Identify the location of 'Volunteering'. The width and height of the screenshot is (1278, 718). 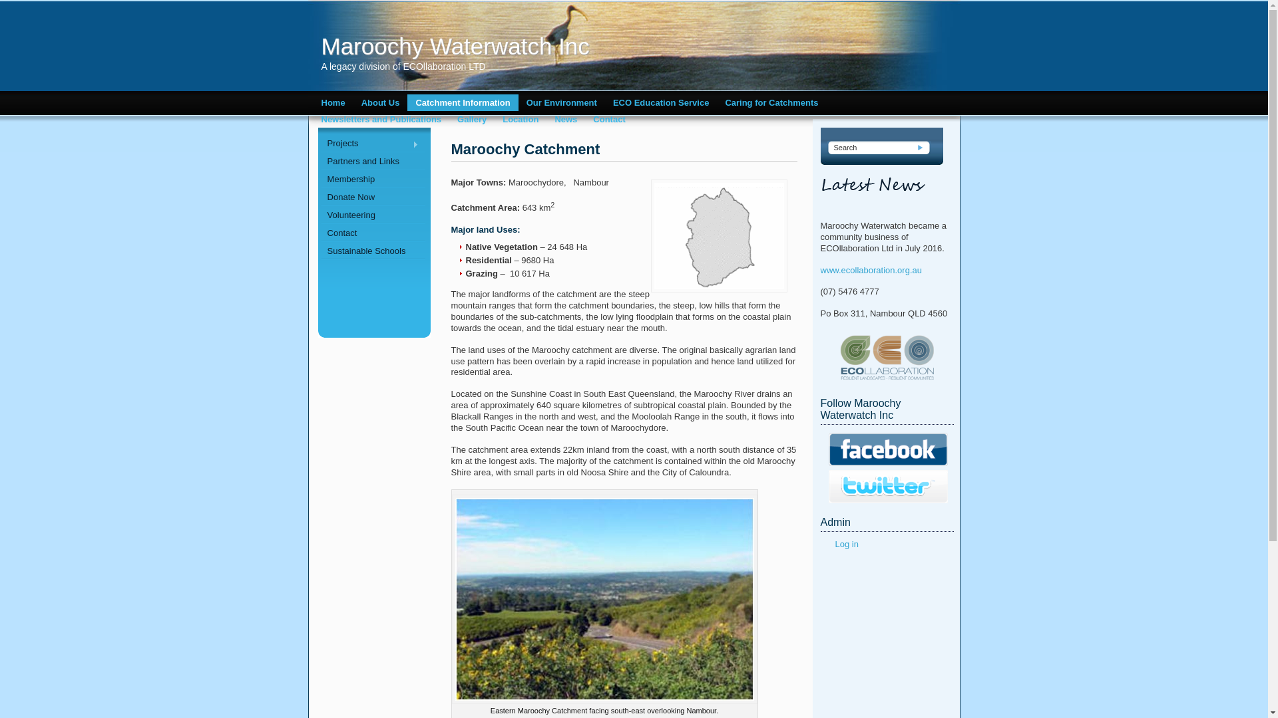
(373, 214).